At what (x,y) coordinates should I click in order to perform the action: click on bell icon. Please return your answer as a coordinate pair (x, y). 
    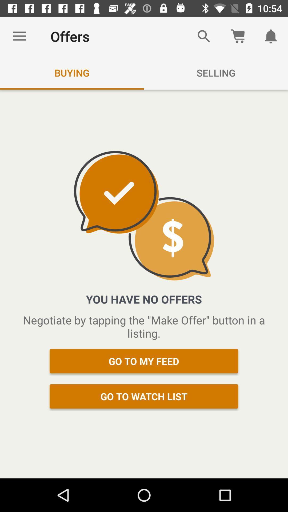
    Looking at the image, I should click on (271, 36).